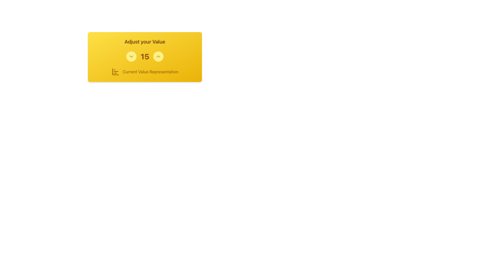  What do you see at coordinates (131, 57) in the screenshot?
I see `the interactive button to the left of the numeric display '15' to decrement its value` at bounding box center [131, 57].